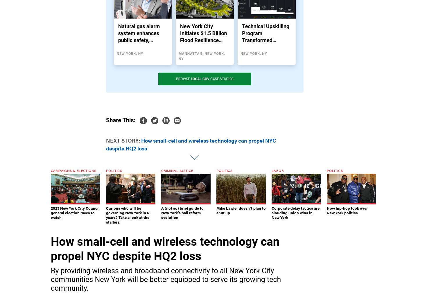 The width and height of the screenshot is (427, 293). I want to click on 'Share This:', so click(106, 119).